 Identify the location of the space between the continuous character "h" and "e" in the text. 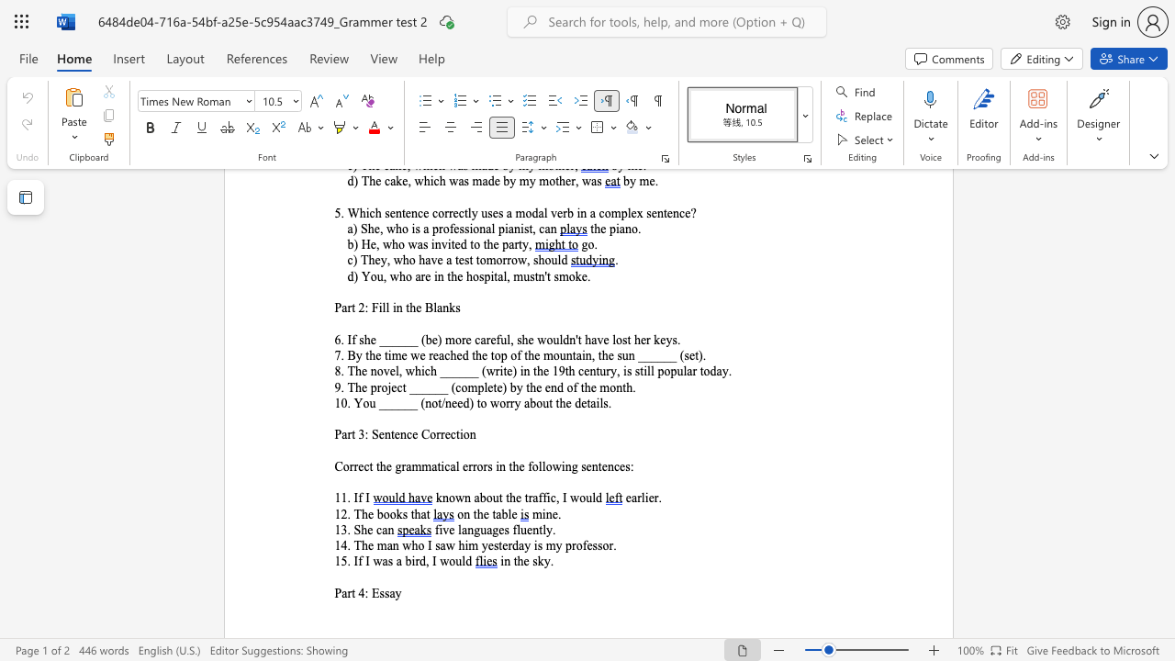
(514, 498).